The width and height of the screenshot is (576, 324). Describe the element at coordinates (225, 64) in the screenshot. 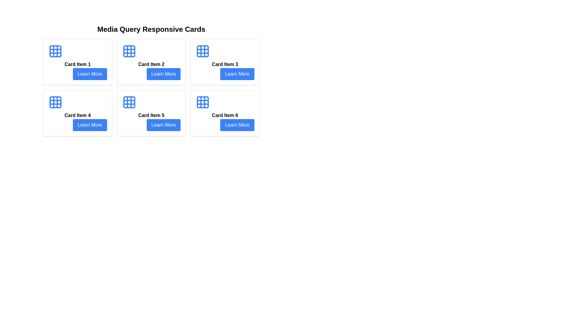

I see `the Text Label that identifies the card as 'Card Item 3', located above the 'Learn More' button in the top-right card of a 3x2 grid layout` at that location.